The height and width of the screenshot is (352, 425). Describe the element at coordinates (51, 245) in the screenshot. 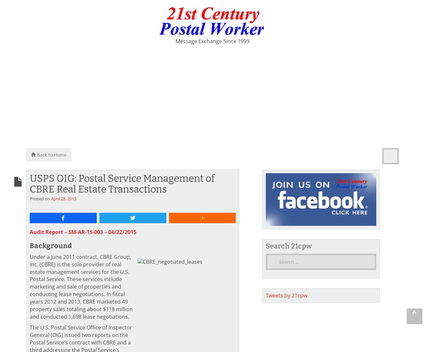

I see `'Background'` at that location.